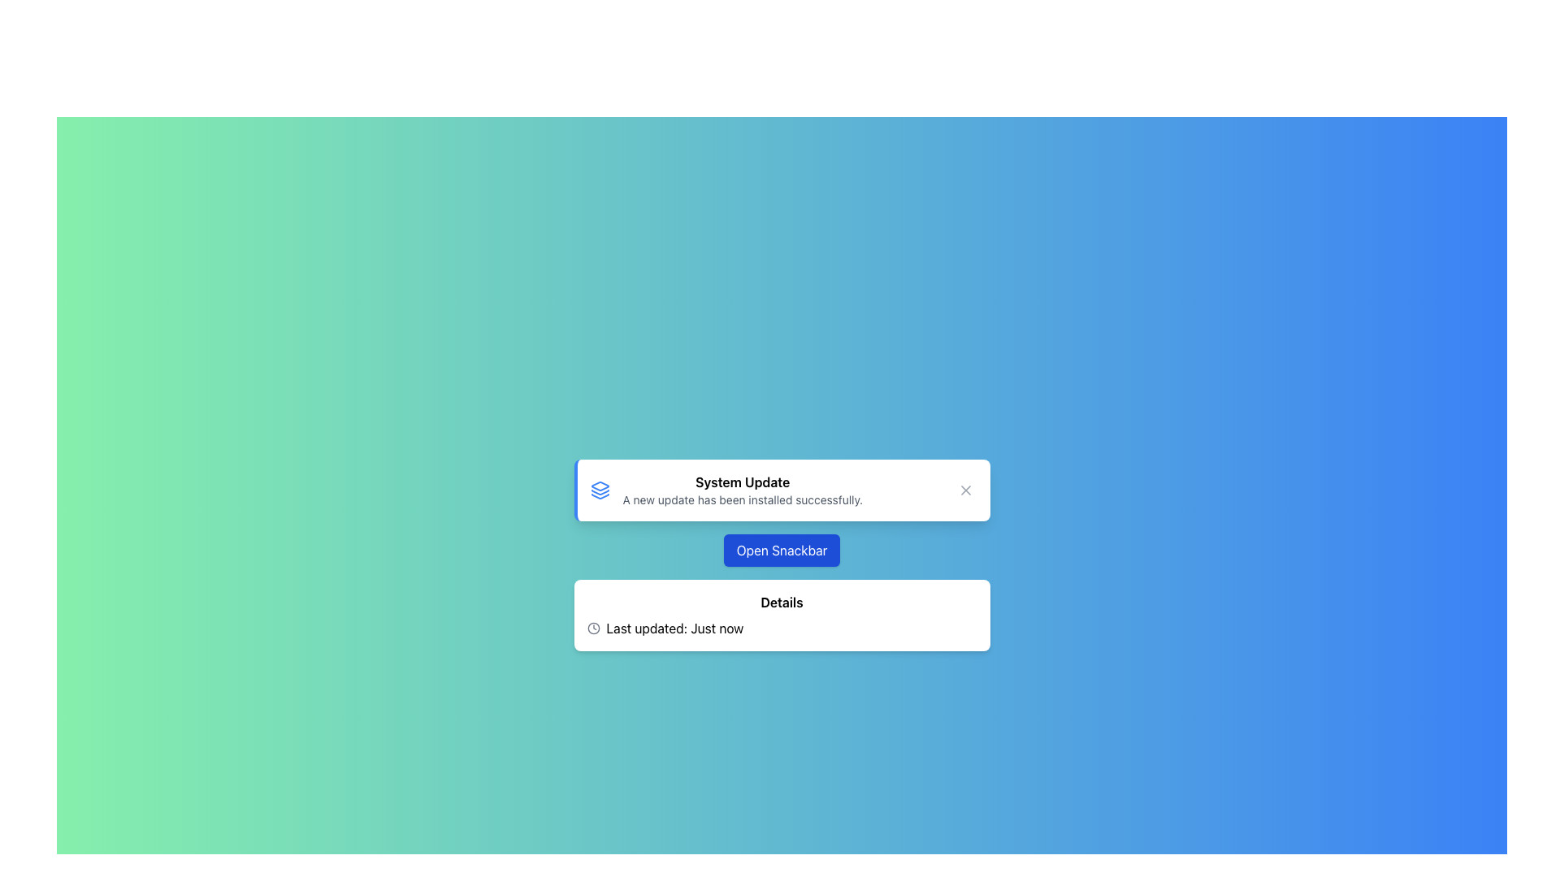  Describe the element at coordinates (599, 490) in the screenshot. I see `the blue stackable layers icon located within the 'System Update' notification bar, positioned to the left of the title text` at that location.